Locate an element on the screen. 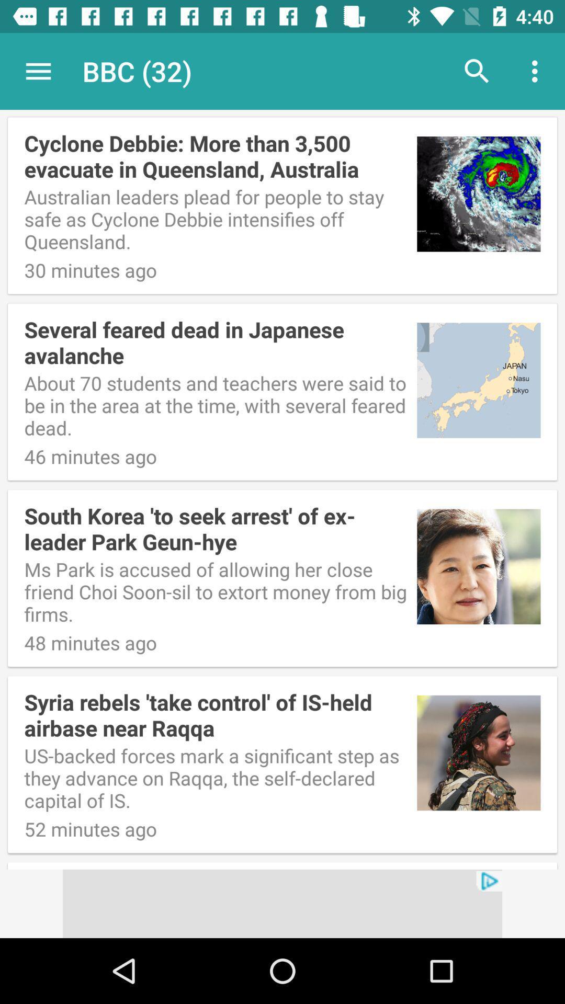 The image size is (565, 1004). app next to the bbc (32) item is located at coordinates (477, 71).